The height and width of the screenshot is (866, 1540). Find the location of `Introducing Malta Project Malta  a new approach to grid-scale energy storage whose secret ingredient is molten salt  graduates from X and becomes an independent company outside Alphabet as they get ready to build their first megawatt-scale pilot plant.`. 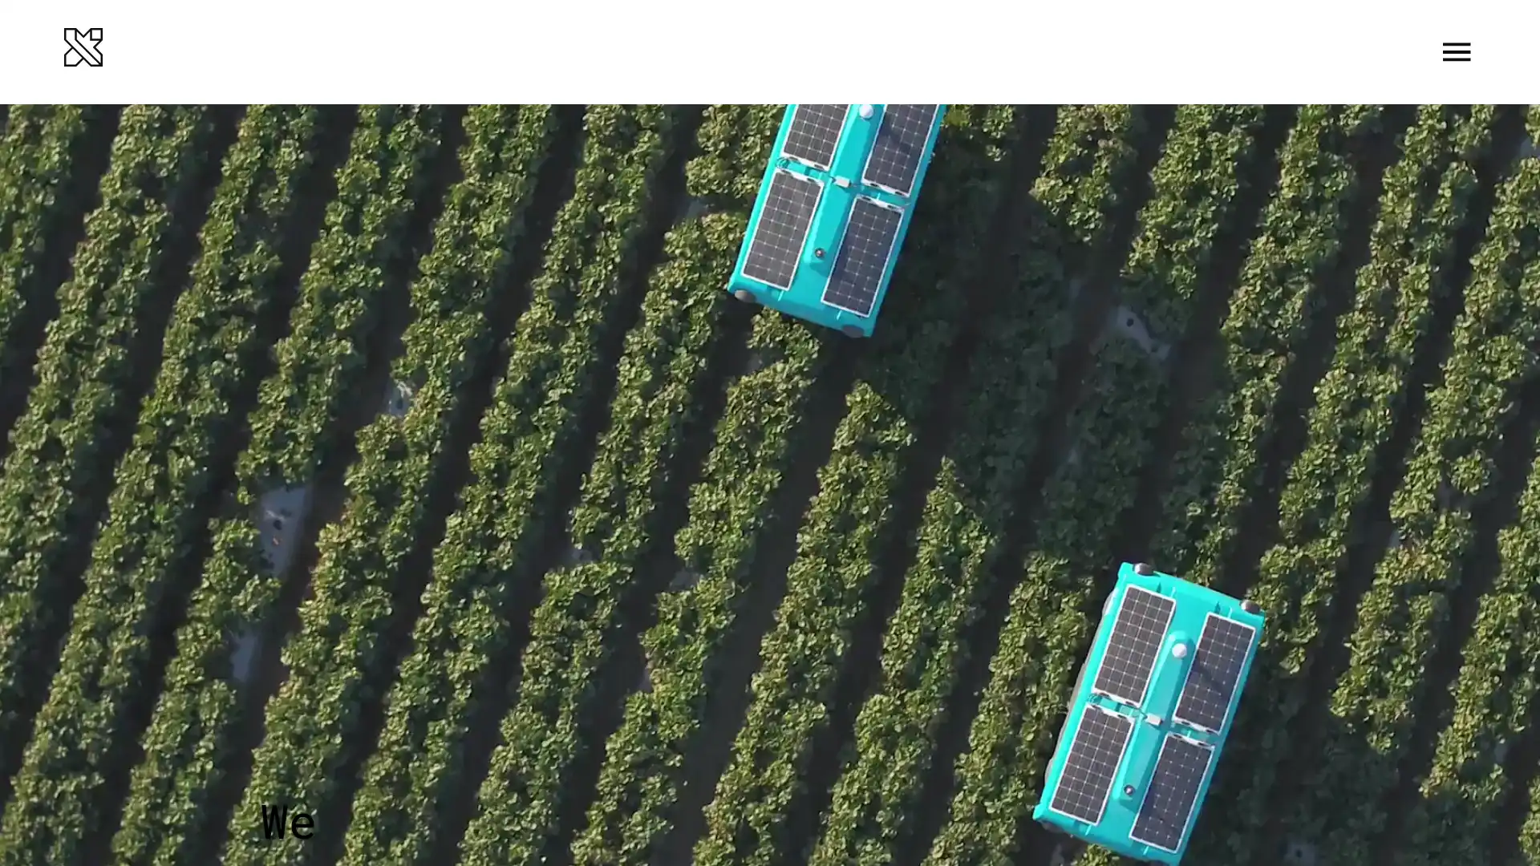

Introducing Malta Project Malta  a new approach to grid-scale energy storage whose secret ingredient is molten salt  graduates from X and becomes an independent company outside Alphabet as they get ready to build their first megawatt-scale pilot plant. is located at coordinates (813, 411).